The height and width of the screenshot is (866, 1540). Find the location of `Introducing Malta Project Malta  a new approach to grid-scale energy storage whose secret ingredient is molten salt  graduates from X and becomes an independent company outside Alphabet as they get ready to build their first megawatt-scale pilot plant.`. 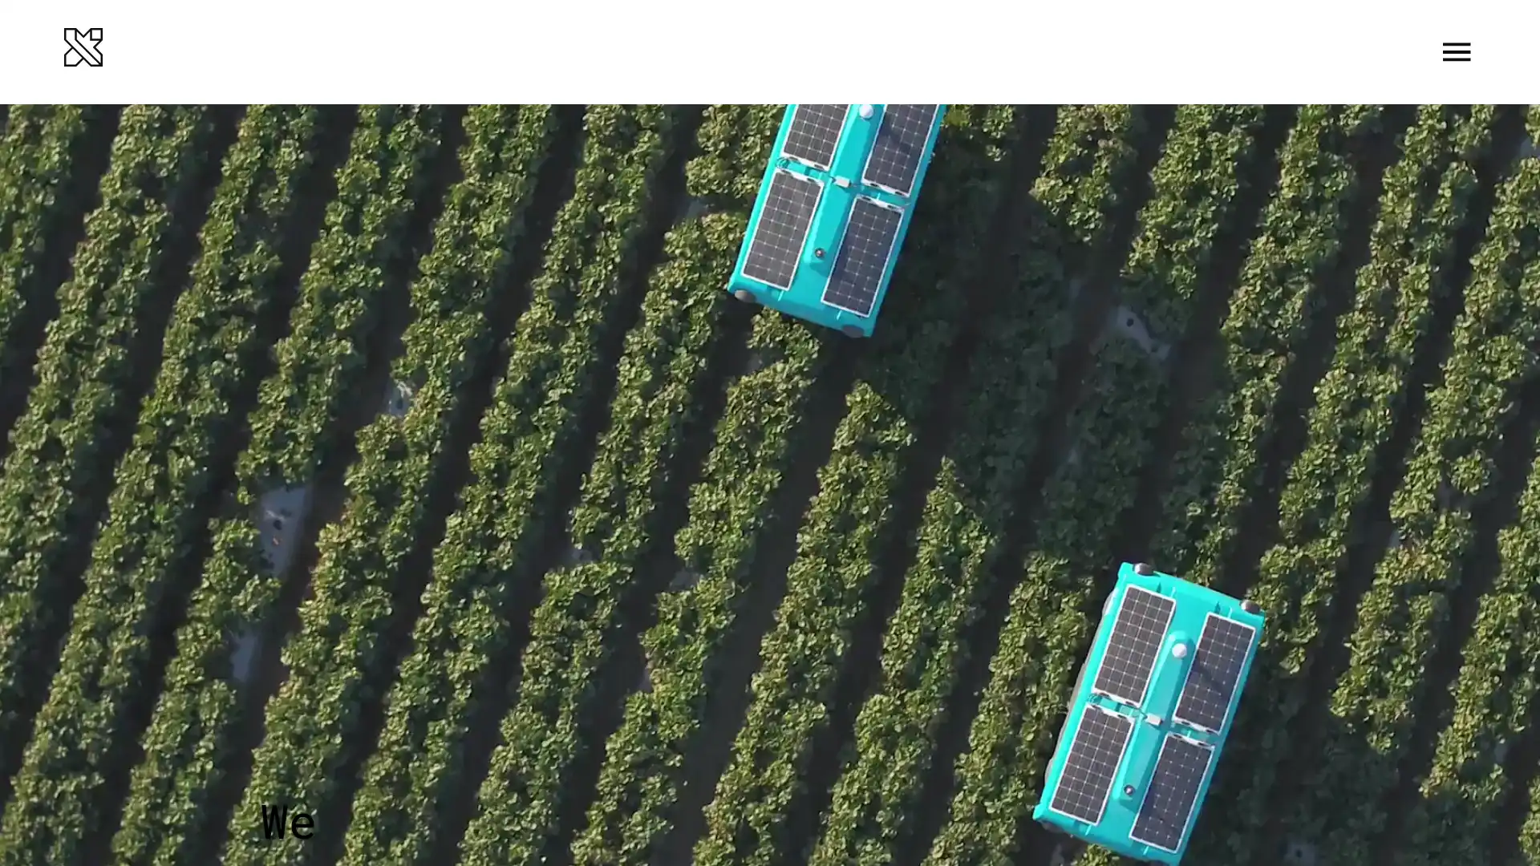

Introducing Malta Project Malta  a new approach to grid-scale energy storage whose secret ingredient is molten salt  graduates from X and becomes an independent company outside Alphabet as they get ready to build their first megawatt-scale pilot plant. is located at coordinates (813, 411).